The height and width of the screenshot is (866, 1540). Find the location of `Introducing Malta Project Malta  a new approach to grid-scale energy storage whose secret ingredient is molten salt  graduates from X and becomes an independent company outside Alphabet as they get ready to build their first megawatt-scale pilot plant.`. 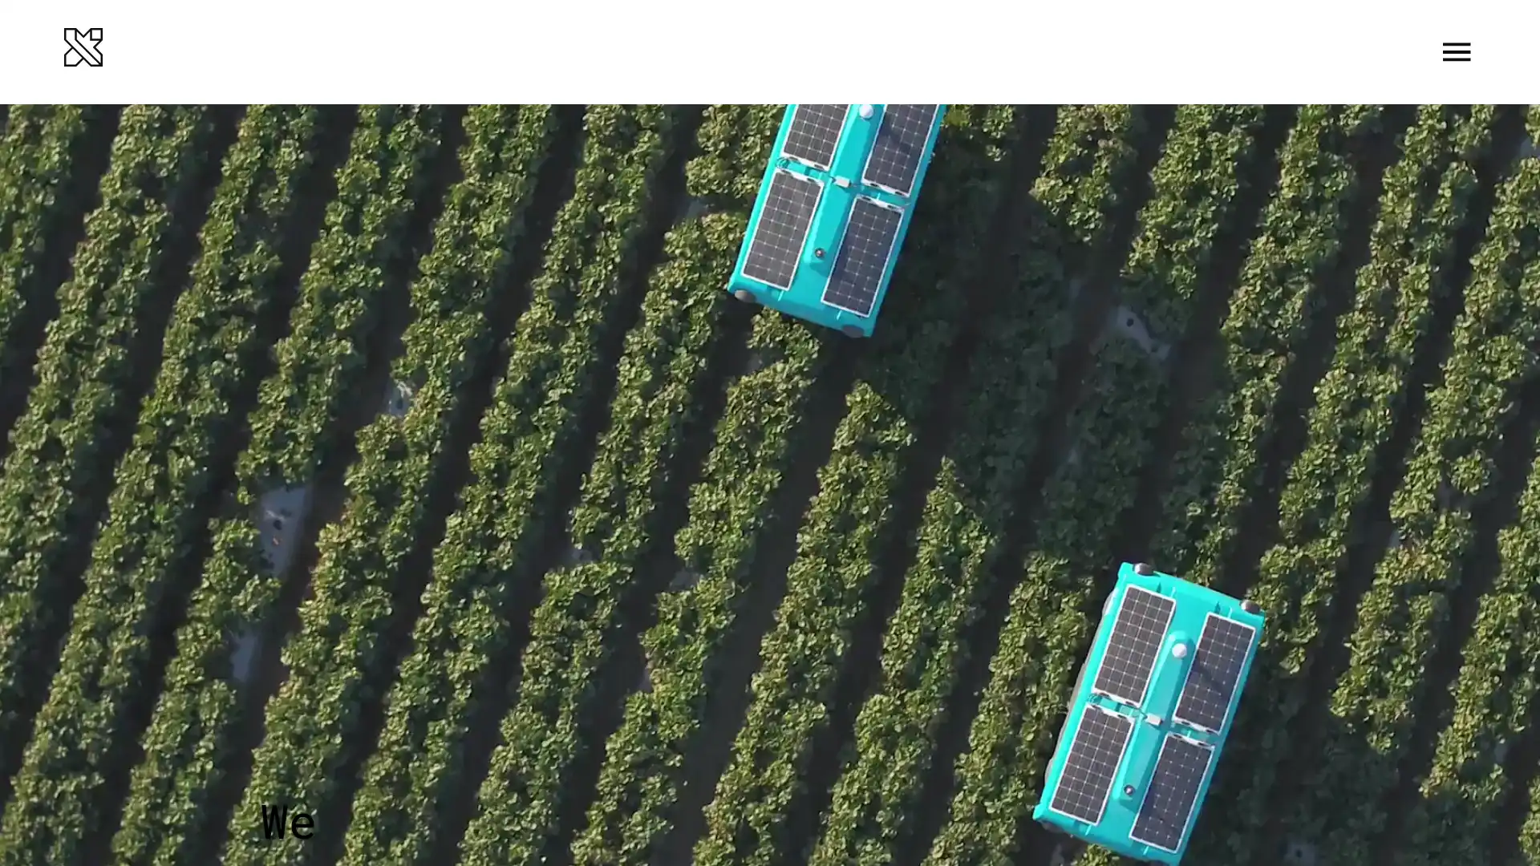

Introducing Malta Project Malta  a new approach to grid-scale energy storage whose secret ingredient is molten salt  graduates from X and becomes an independent company outside Alphabet as they get ready to build their first megawatt-scale pilot plant. is located at coordinates (813, 411).